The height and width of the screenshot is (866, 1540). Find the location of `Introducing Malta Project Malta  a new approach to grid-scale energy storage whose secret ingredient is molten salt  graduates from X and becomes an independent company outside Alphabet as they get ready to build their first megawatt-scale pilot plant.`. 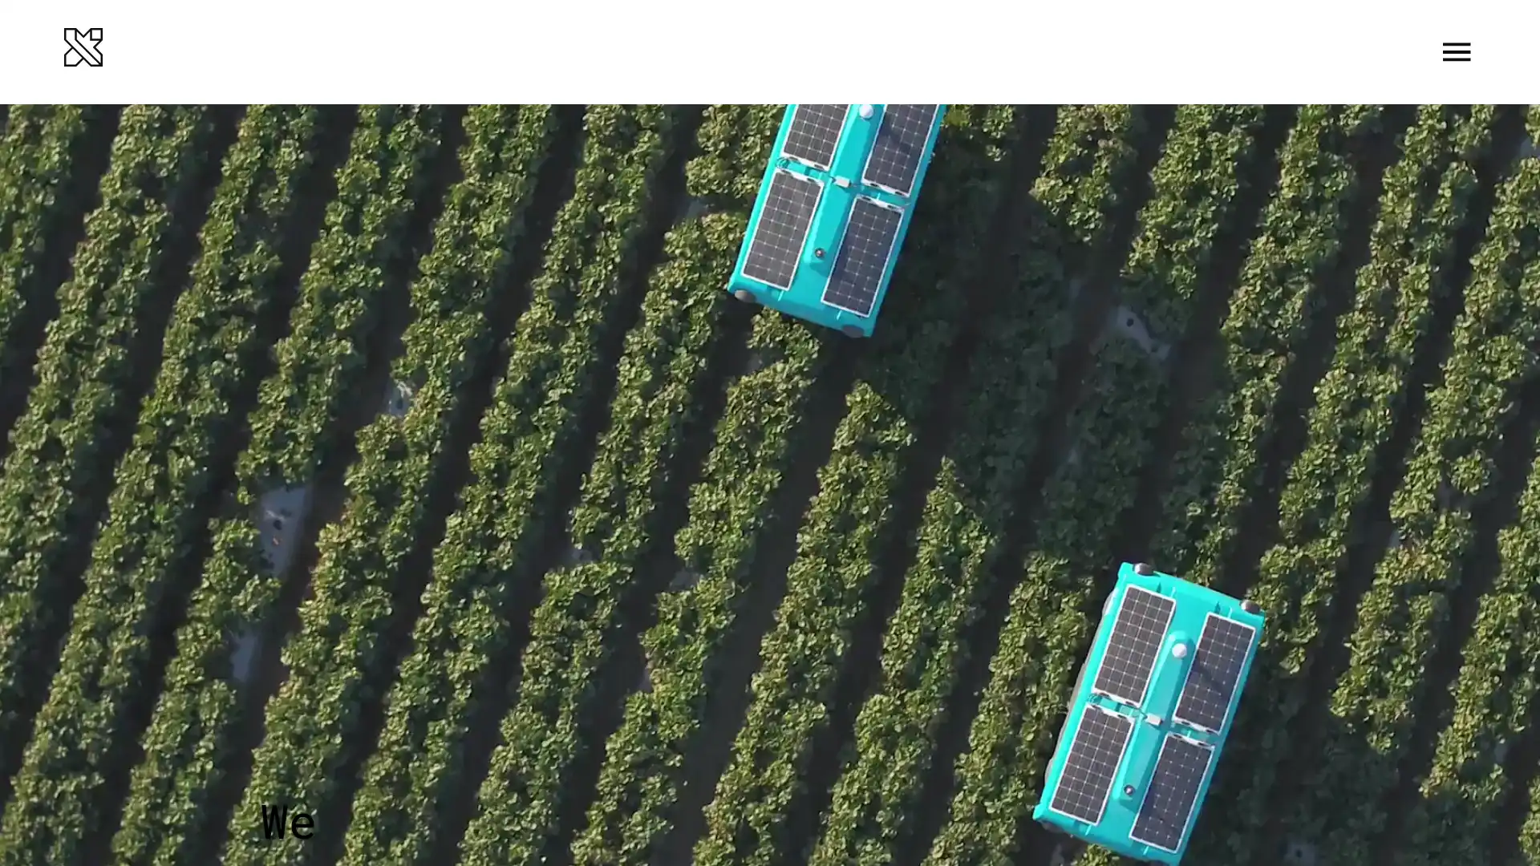

Introducing Malta Project Malta  a new approach to grid-scale energy storage whose secret ingredient is molten salt  graduates from X and becomes an independent company outside Alphabet as they get ready to build their first megawatt-scale pilot plant. is located at coordinates (813, 411).